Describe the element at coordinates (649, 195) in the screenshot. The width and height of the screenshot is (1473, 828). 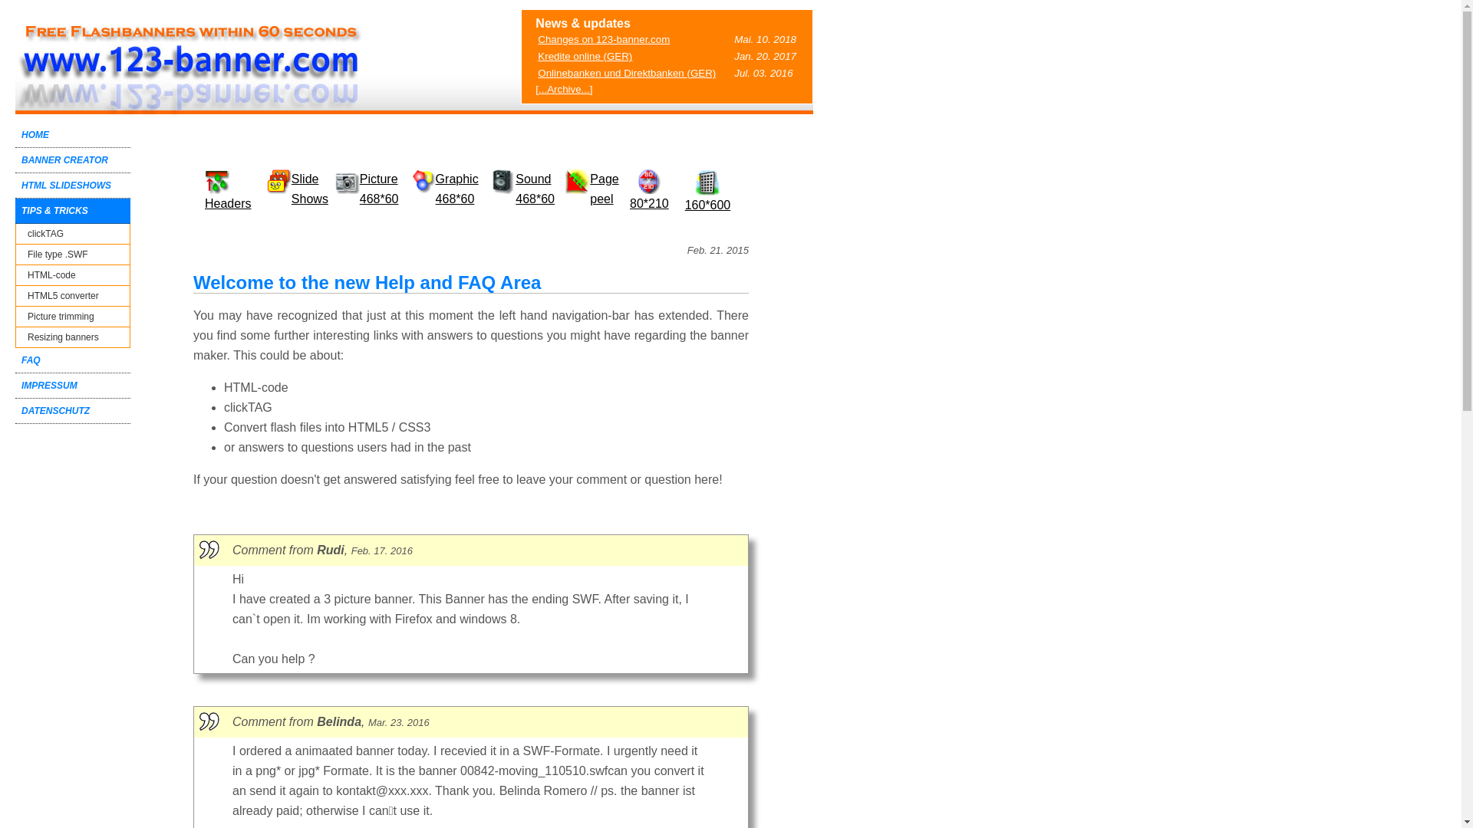
I see `'80*210'` at that location.